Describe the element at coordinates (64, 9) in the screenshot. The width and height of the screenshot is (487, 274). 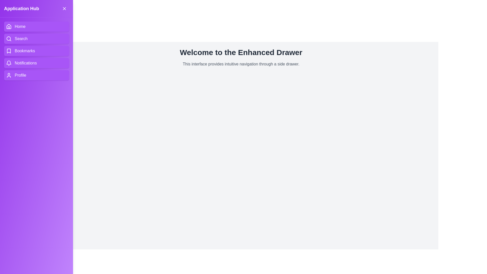
I see `the close button in the drawer header to close the drawer` at that location.